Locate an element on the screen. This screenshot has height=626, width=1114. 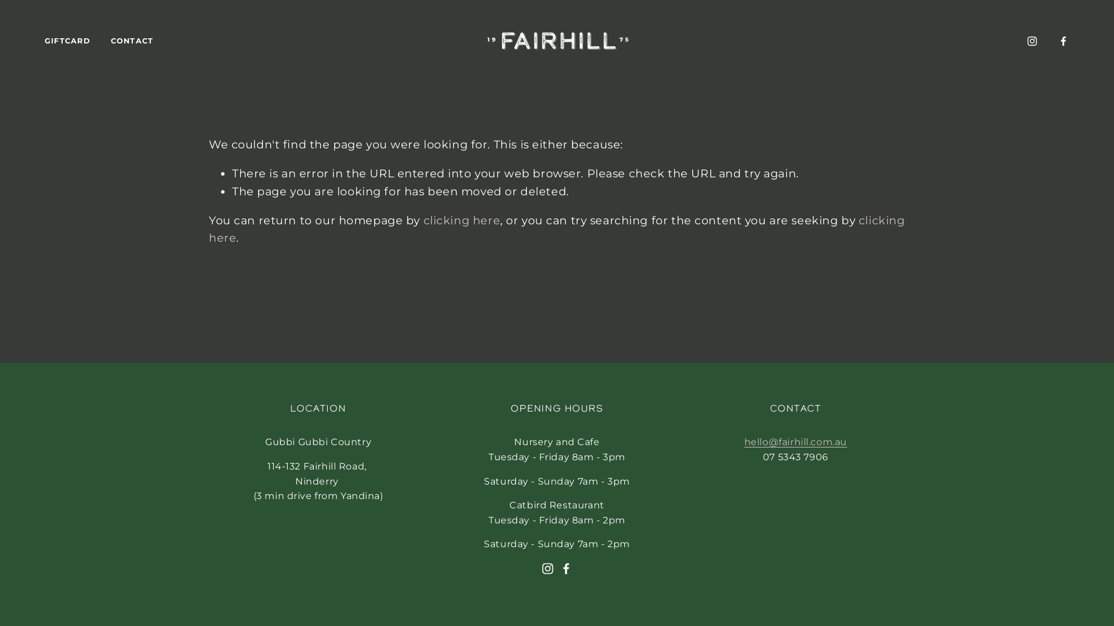
'clicking here' is located at coordinates (461, 220).